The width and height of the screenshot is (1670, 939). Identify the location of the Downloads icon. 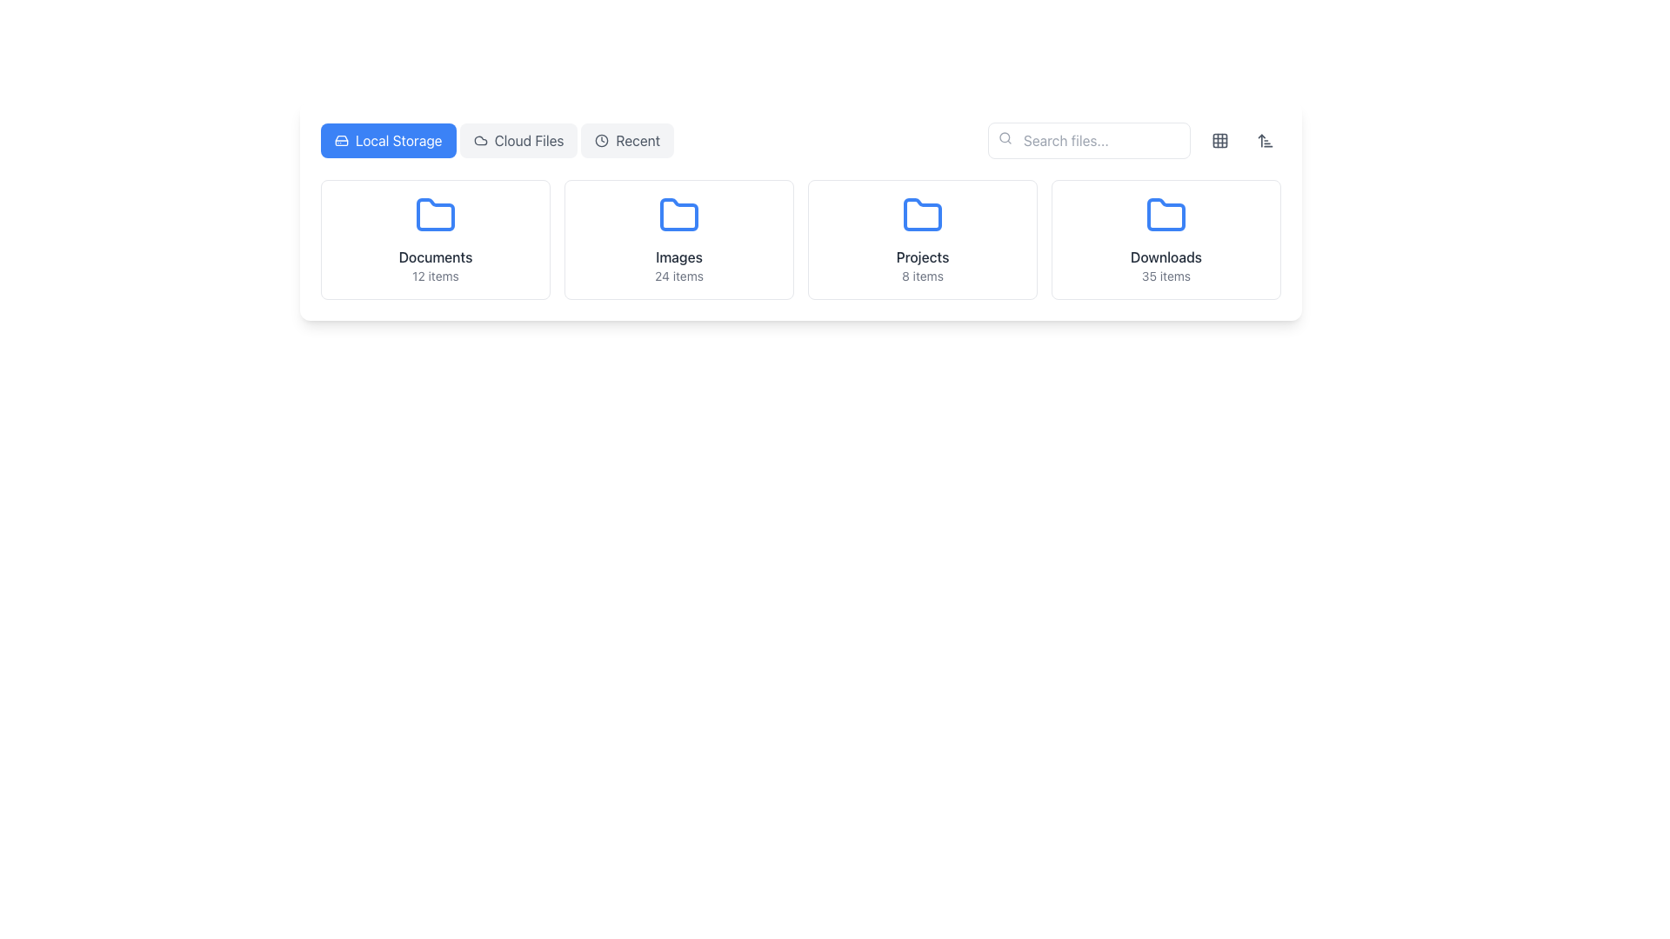
(1166, 214).